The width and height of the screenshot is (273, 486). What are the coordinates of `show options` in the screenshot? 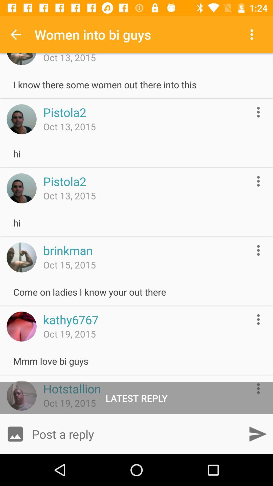 It's located at (258, 112).